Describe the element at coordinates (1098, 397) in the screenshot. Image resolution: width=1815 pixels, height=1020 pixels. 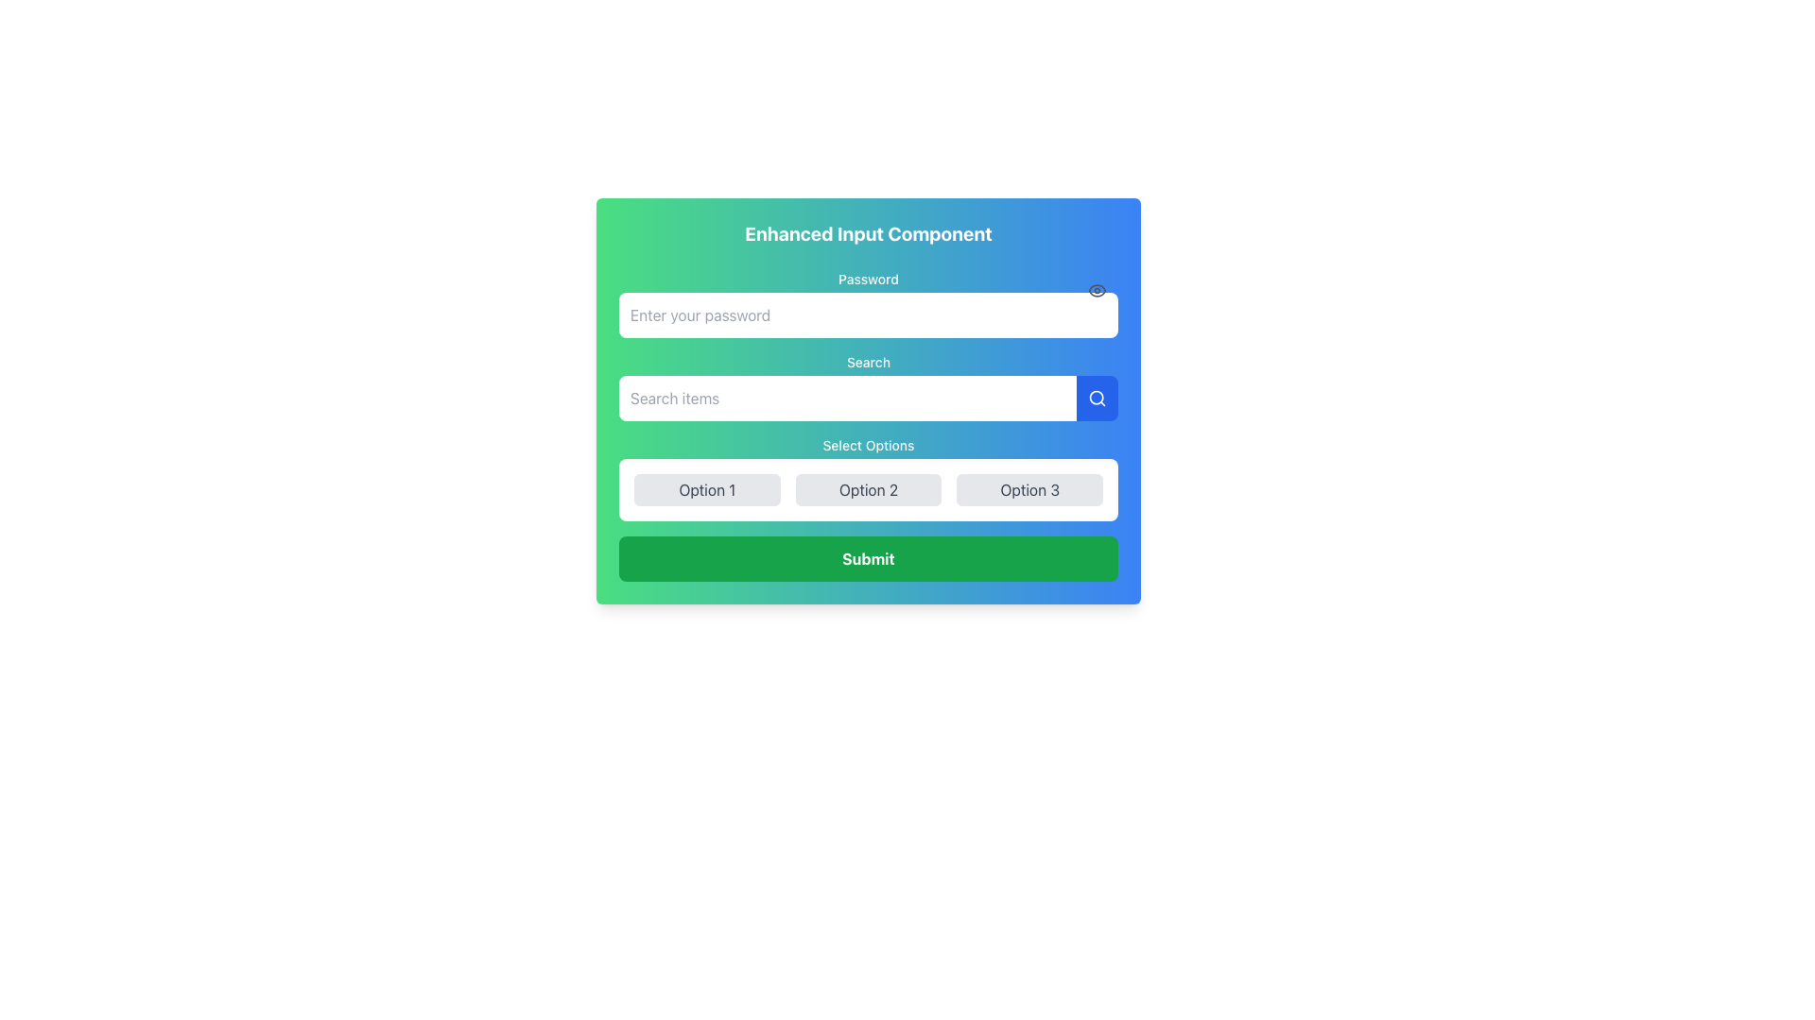
I see `the search icon button located to the right of the 'Search items' input field to initiate a search action` at that location.